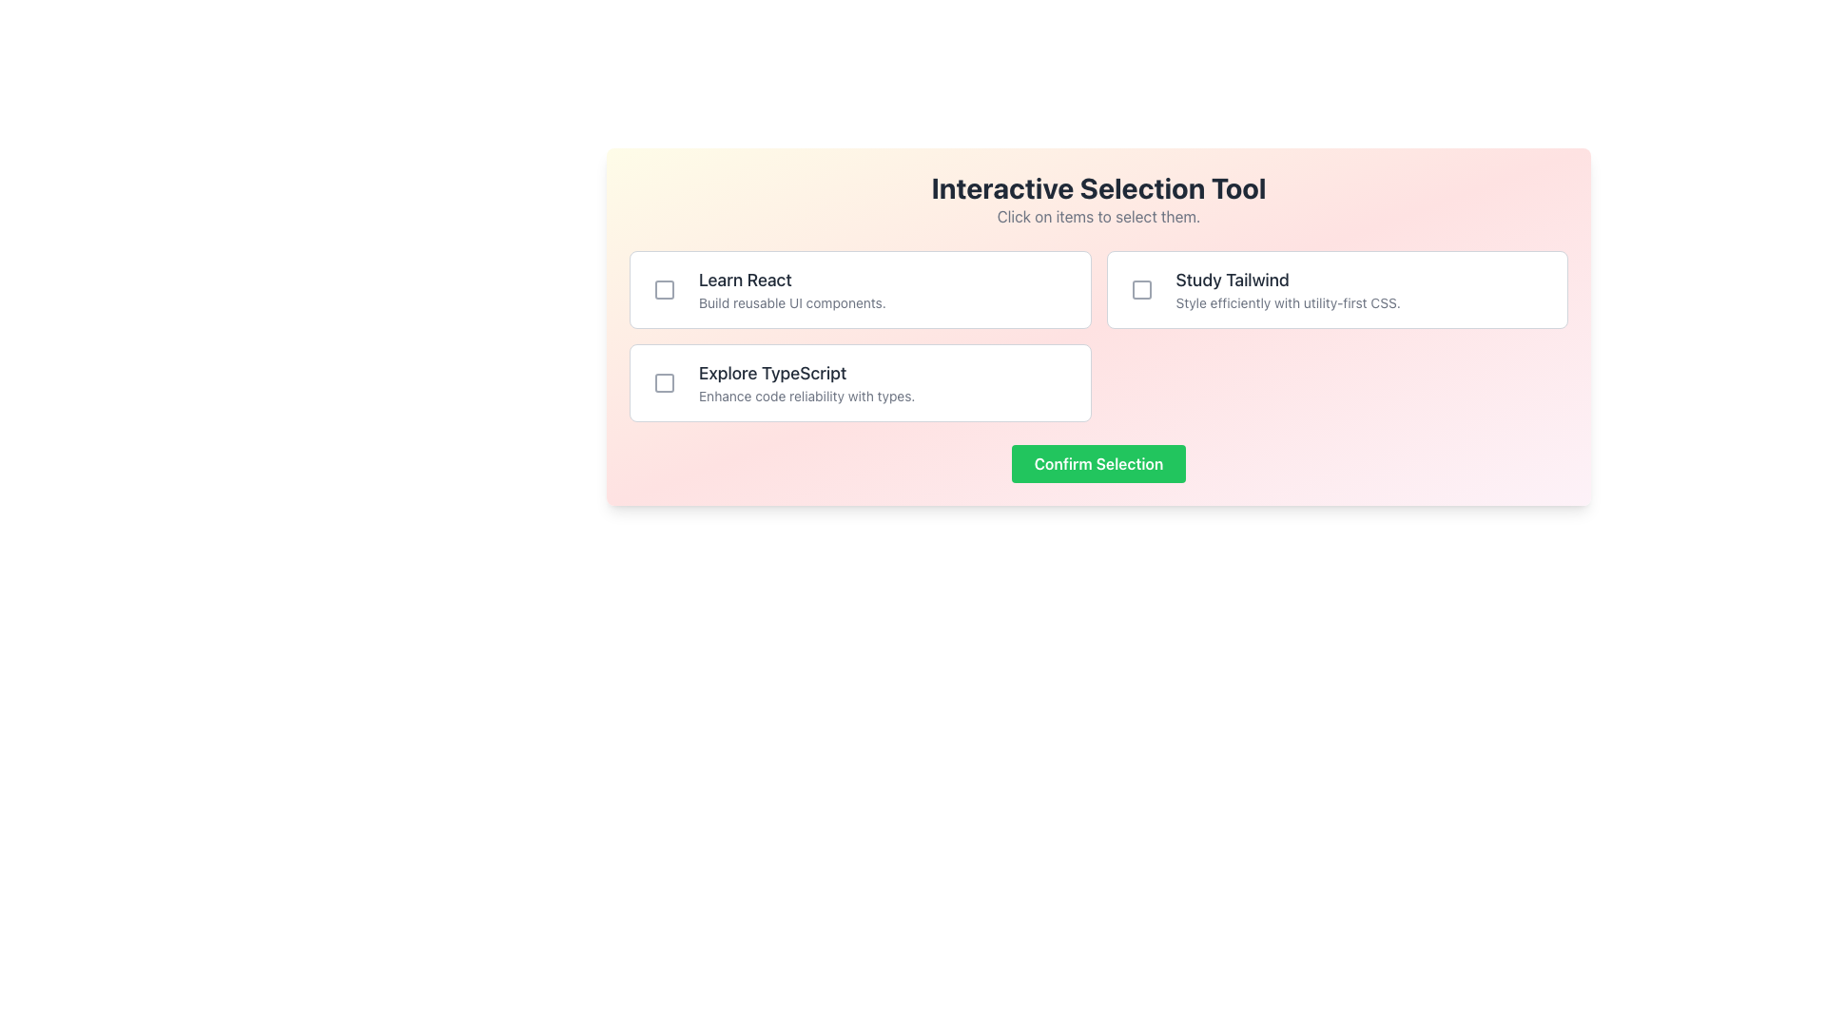 The image size is (1826, 1027). I want to click on the title text at the top center of the interactive panel, which provides context to the users, so click(1098, 187).